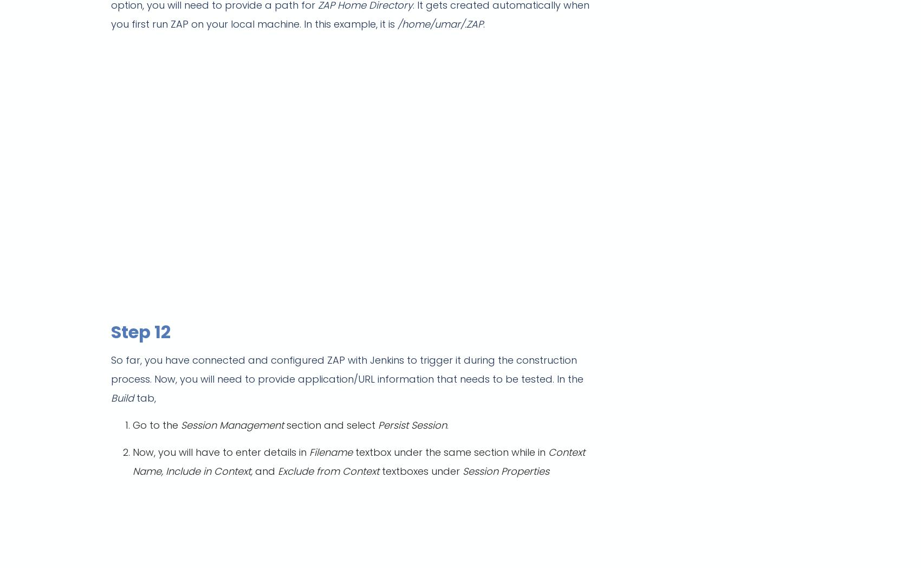  What do you see at coordinates (132, 425) in the screenshot?
I see `'Go to the'` at bounding box center [132, 425].